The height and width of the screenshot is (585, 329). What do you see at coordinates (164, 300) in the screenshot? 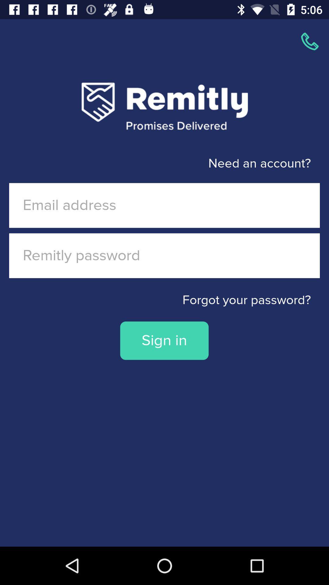
I see `forgot your password? icon` at bounding box center [164, 300].